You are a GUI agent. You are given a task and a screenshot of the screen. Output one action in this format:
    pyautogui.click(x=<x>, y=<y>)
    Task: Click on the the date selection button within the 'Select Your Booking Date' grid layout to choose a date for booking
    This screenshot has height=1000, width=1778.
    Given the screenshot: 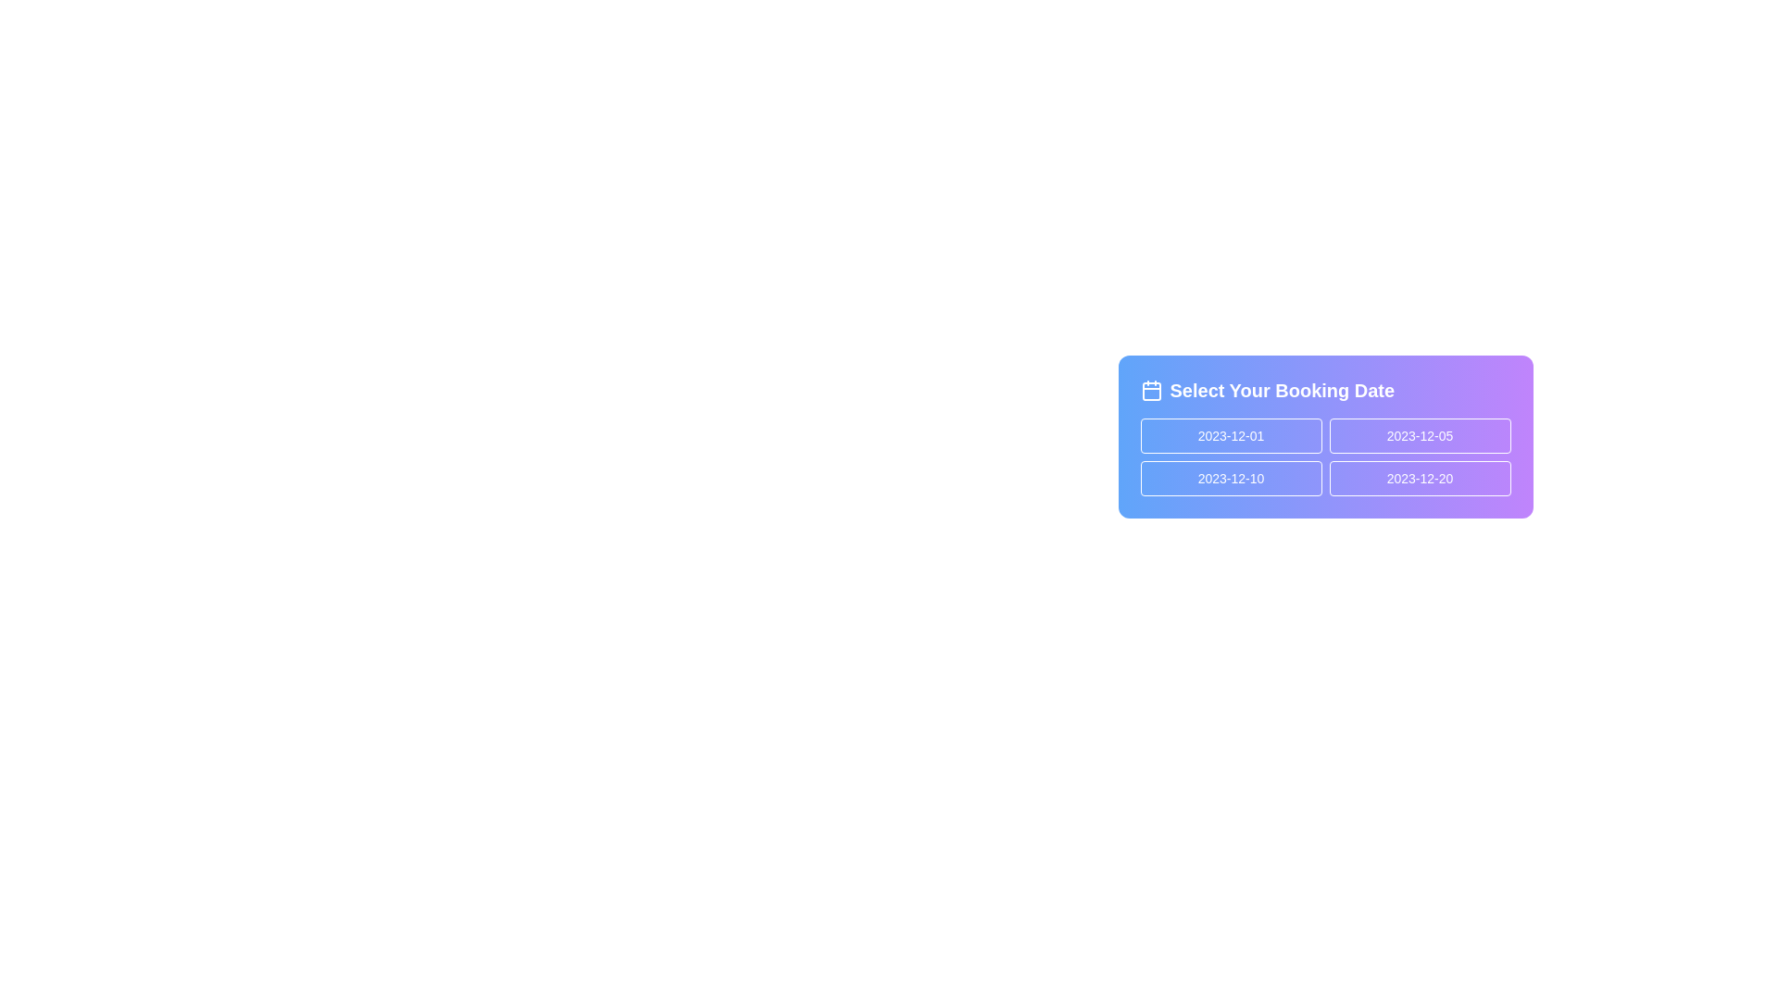 What is the action you would take?
    pyautogui.click(x=1324, y=456)
    